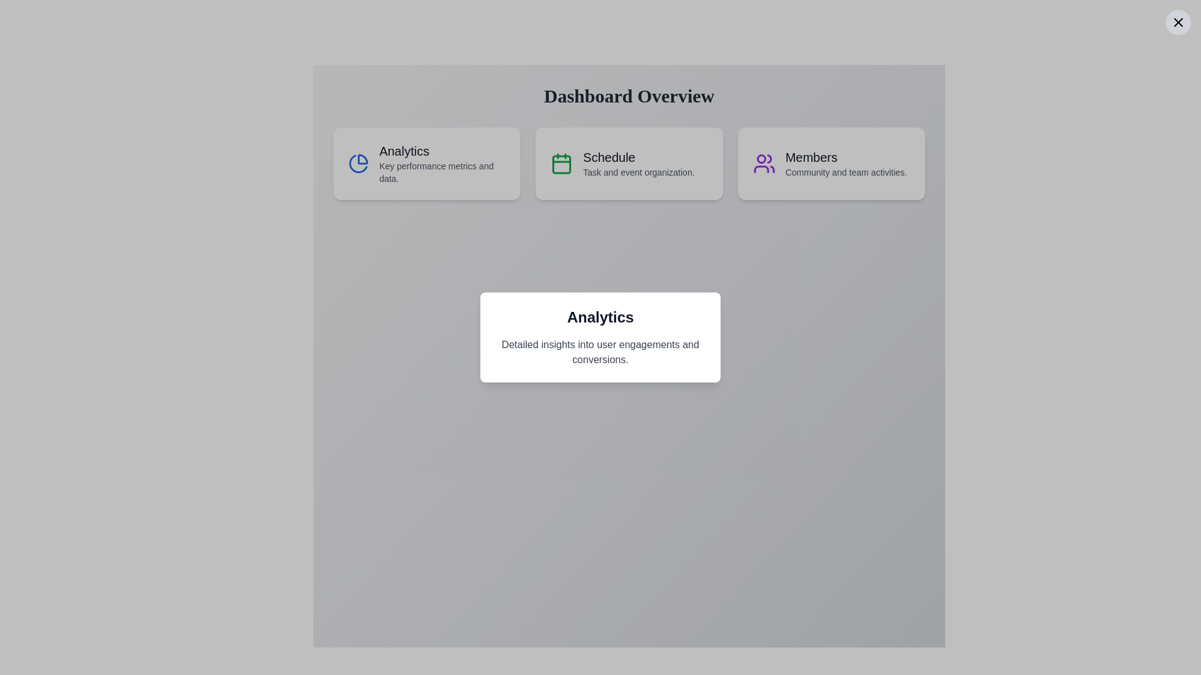 The image size is (1201, 675). What do you see at coordinates (442, 172) in the screenshot?
I see `the descriptive text label under the 'Analytics' heading in the first column of the grid layout, which provides context for key performance metrics` at bounding box center [442, 172].